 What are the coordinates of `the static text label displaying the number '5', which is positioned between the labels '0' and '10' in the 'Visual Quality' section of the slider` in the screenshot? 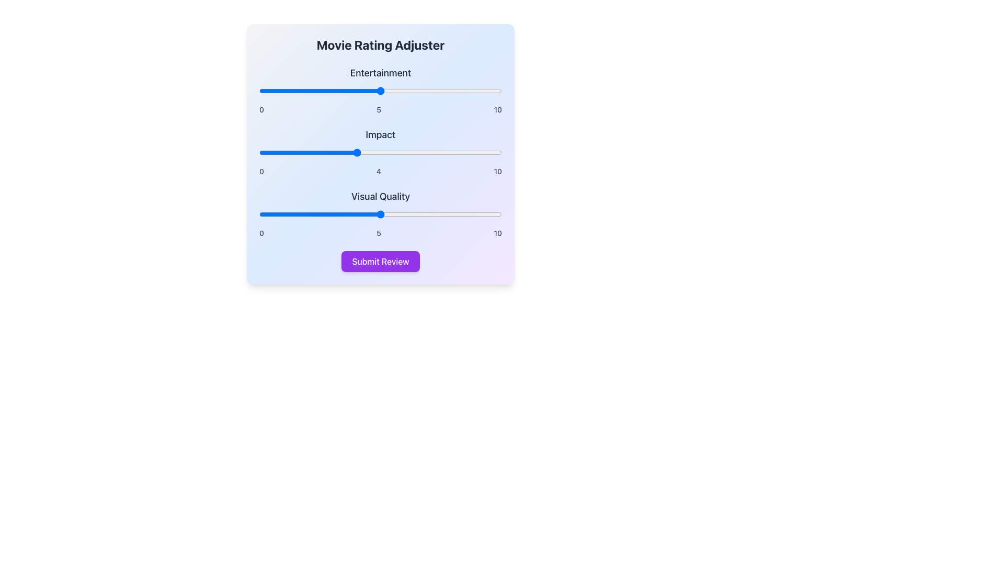 It's located at (378, 109).